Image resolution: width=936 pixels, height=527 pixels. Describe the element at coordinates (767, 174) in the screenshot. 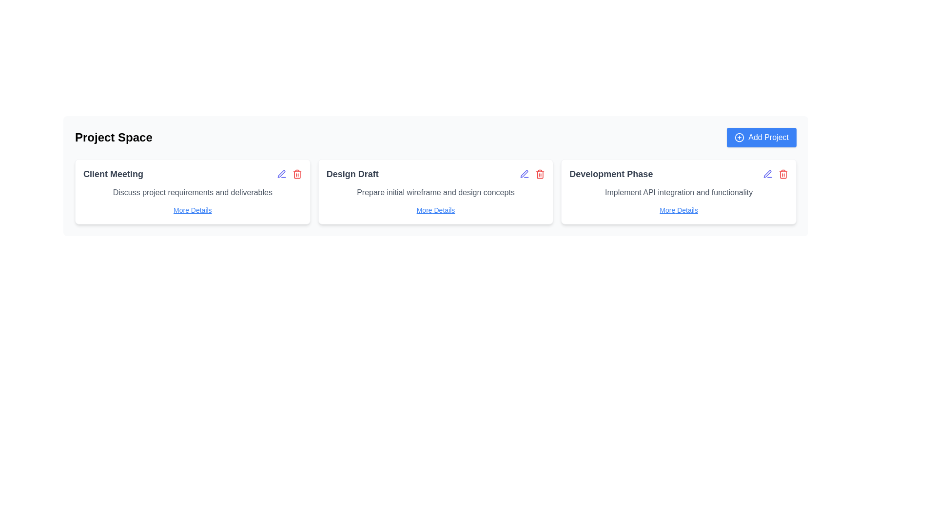

I see `the indigo icon button resembling a pen located in the 'Development Phase' section card` at that location.